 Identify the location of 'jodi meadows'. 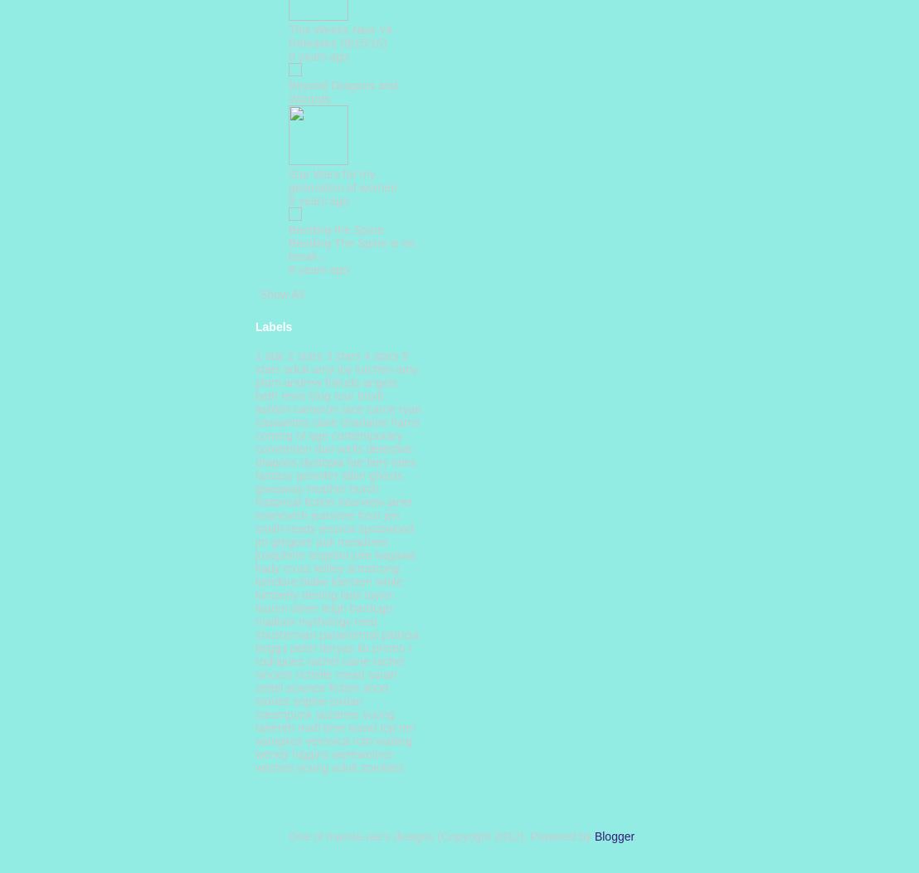
(351, 541).